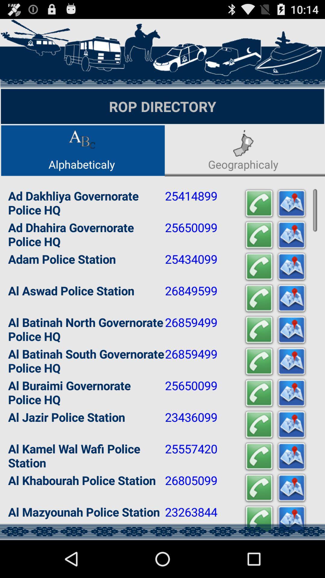  Describe the element at coordinates (258, 218) in the screenshot. I see `the call icon` at that location.